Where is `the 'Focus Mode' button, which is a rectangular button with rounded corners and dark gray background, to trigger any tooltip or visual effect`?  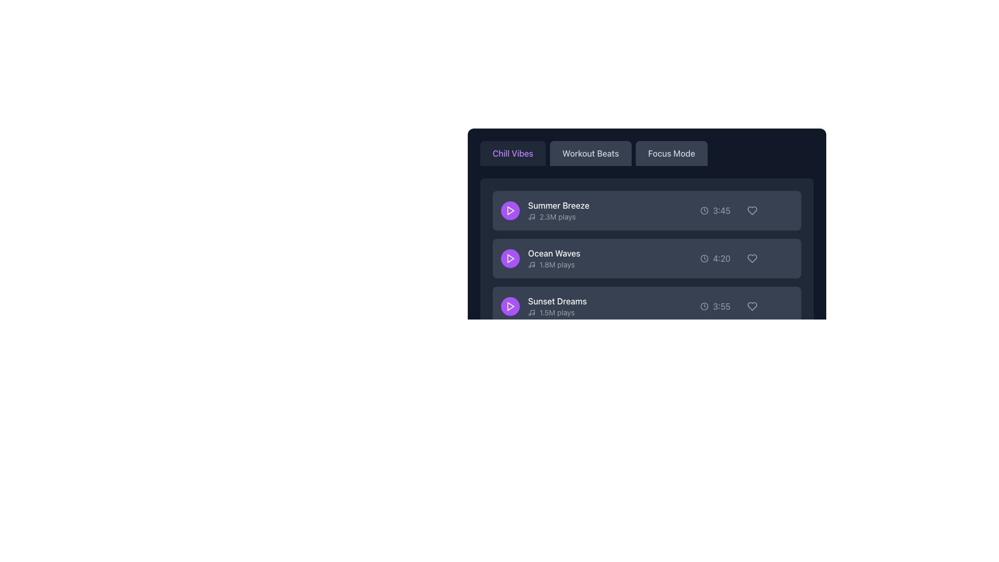
the 'Focus Mode' button, which is a rectangular button with rounded corners and dark gray background, to trigger any tooltip or visual effect is located at coordinates (671, 153).